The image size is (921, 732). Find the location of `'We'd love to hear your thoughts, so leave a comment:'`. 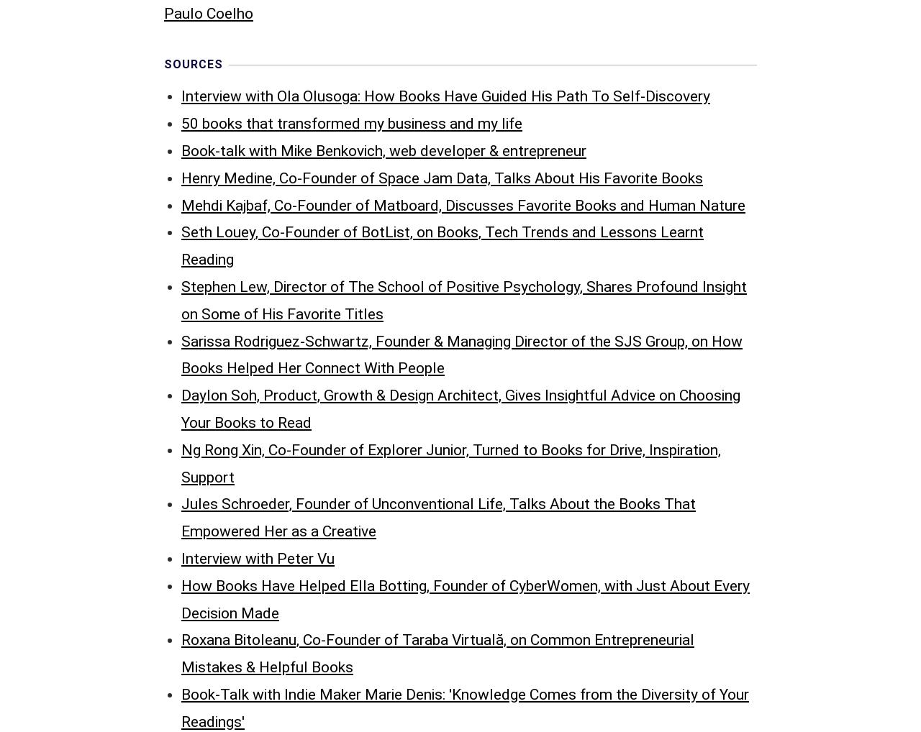

'We'd love to hear your thoughts, so leave a comment:' is located at coordinates (163, 577).